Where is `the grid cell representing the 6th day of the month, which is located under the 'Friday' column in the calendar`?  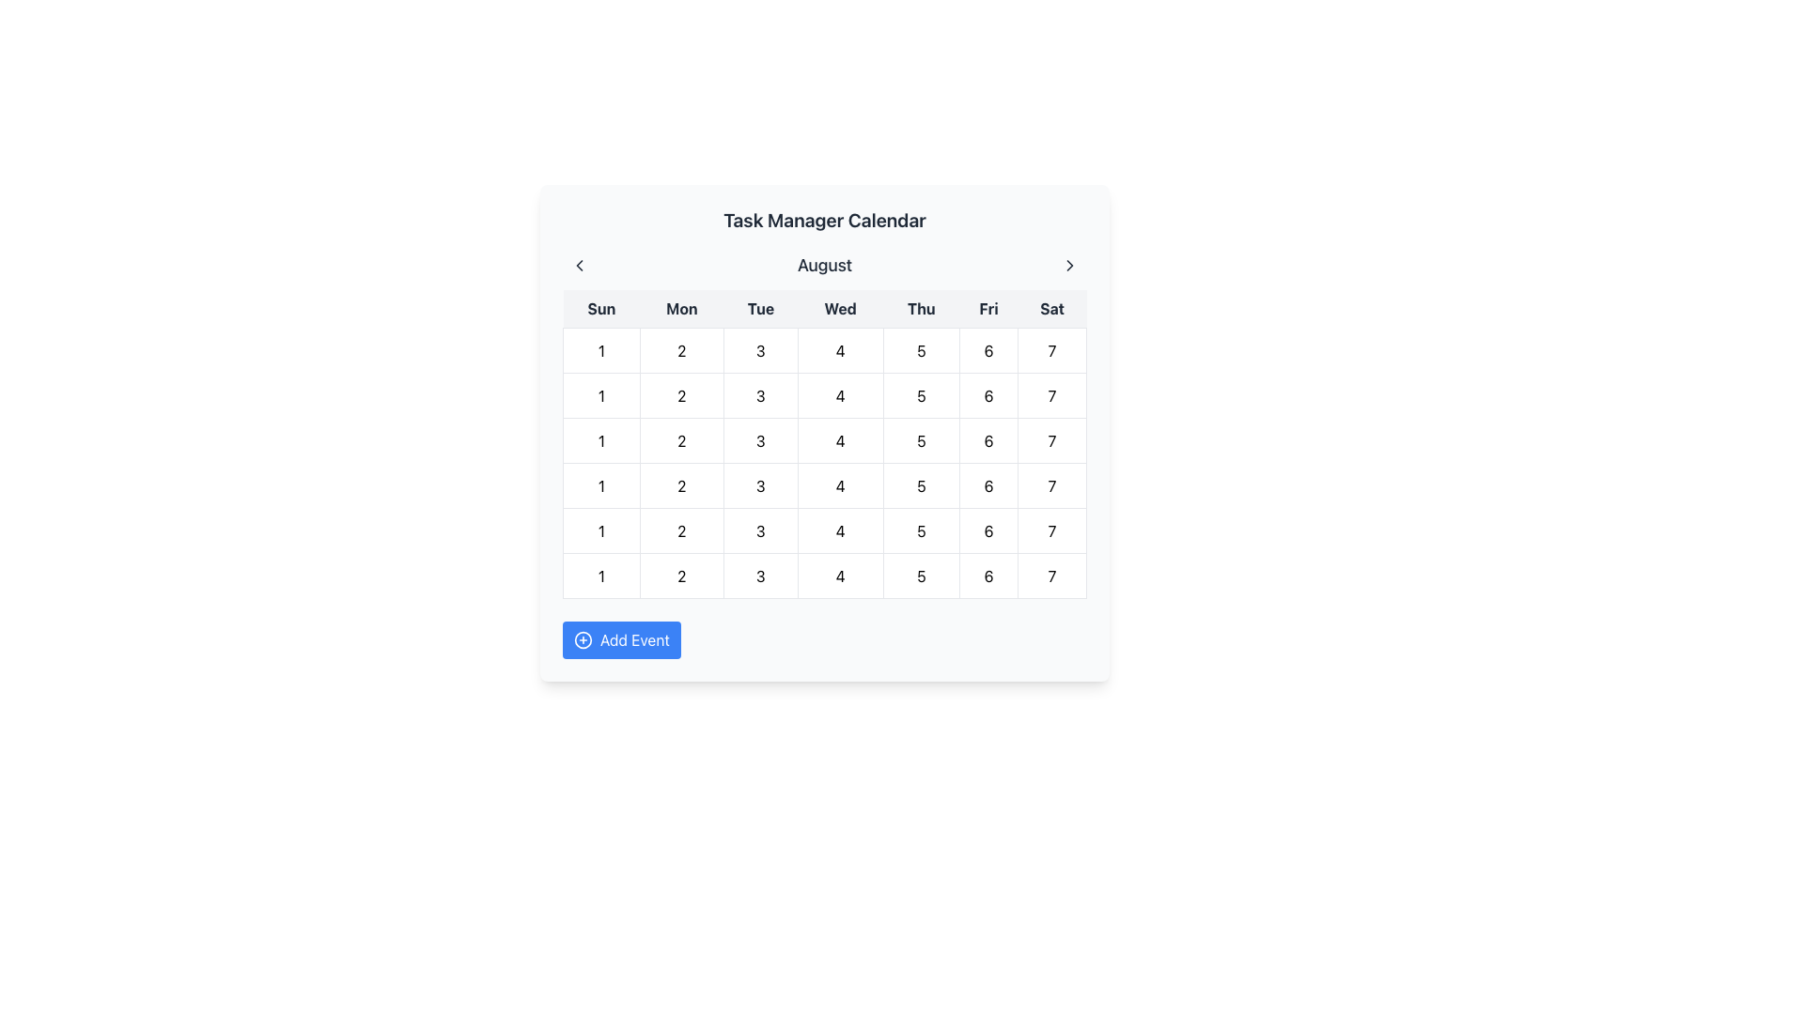 the grid cell representing the 6th day of the month, which is located under the 'Friday' column in the calendar is located at coordinates (988, 440).